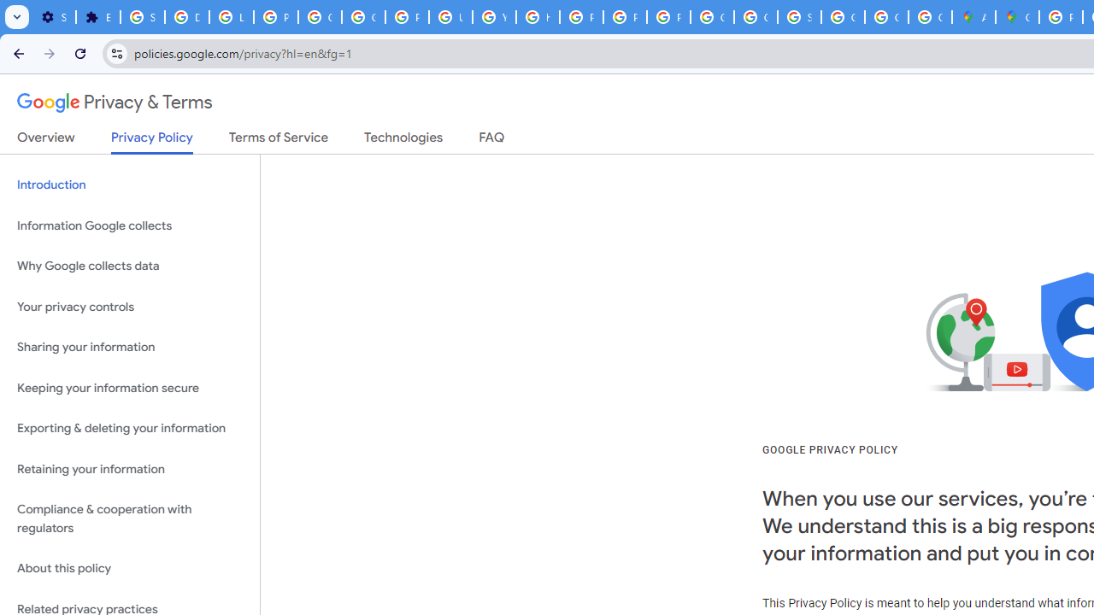  I want to click on 'Sharing your information', so click(129, 347).